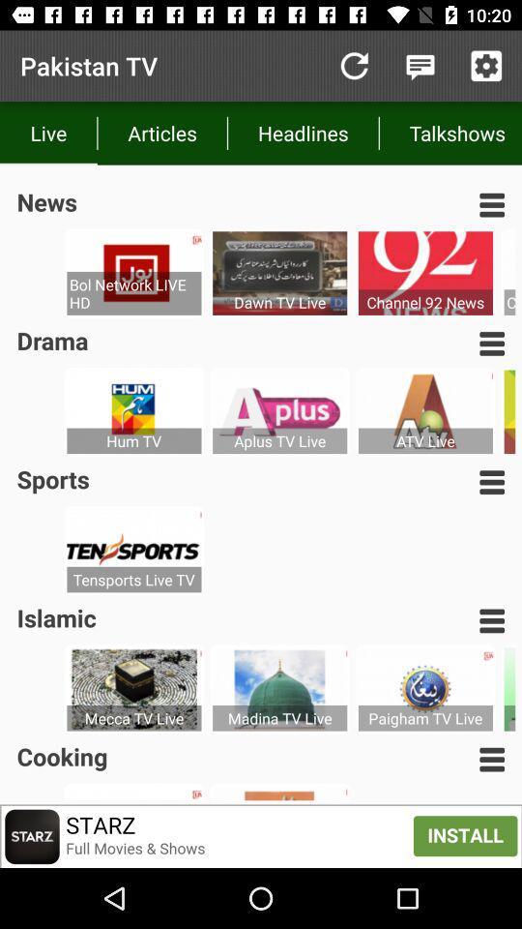 The width and height of the screenshot is (522, 929). I want to click on refress the page, so click(353, 66).